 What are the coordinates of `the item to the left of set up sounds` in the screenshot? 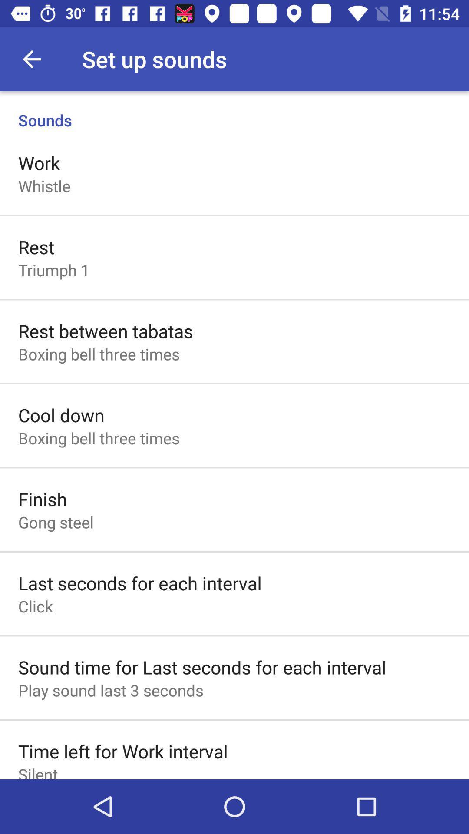 It's located at (31, 59).